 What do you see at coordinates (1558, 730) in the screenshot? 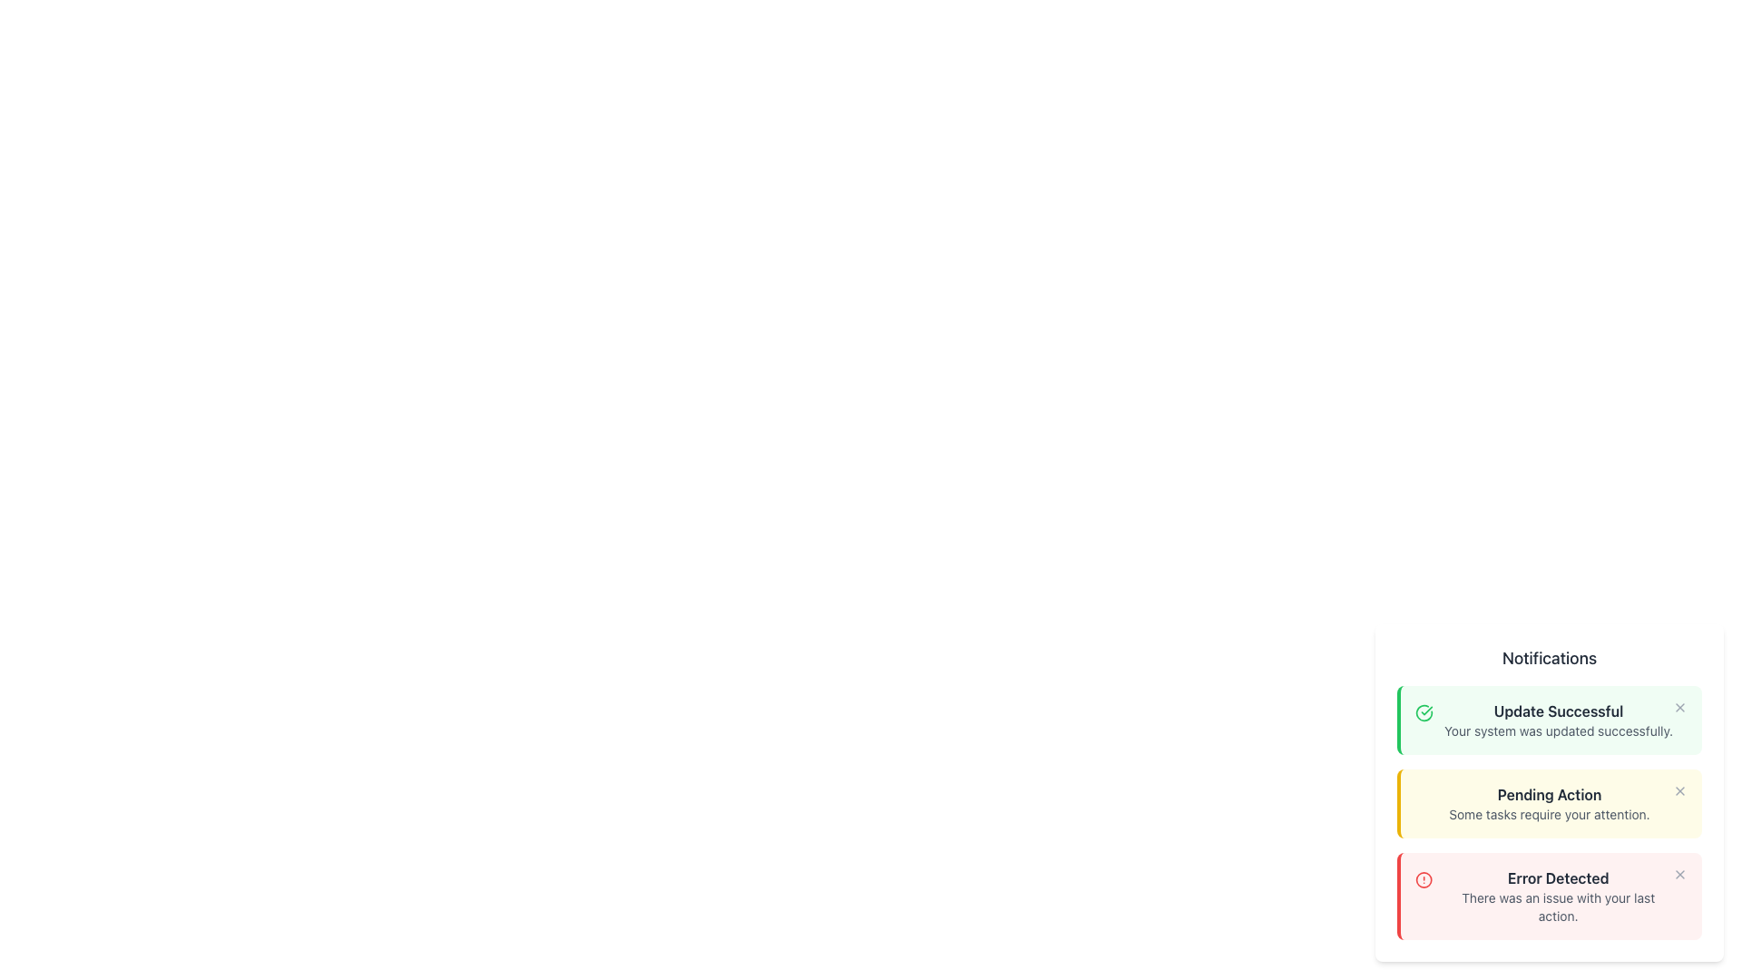
I see `text label displaying 'Your system was updated successfully.' located below the title 'Update Successful' in the green notification card` at bounding box center [1558, 730].